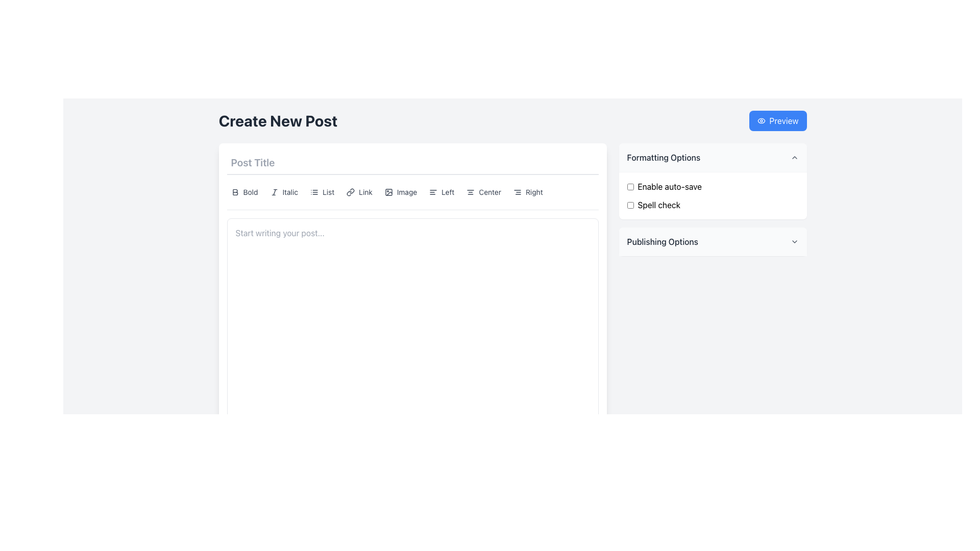  Describe the element at coordinates (629, 205) in the screenshot. I see `the checkbox located in the top-right area of the interface, specifically under the 'Formatting Options' panel` at that location.